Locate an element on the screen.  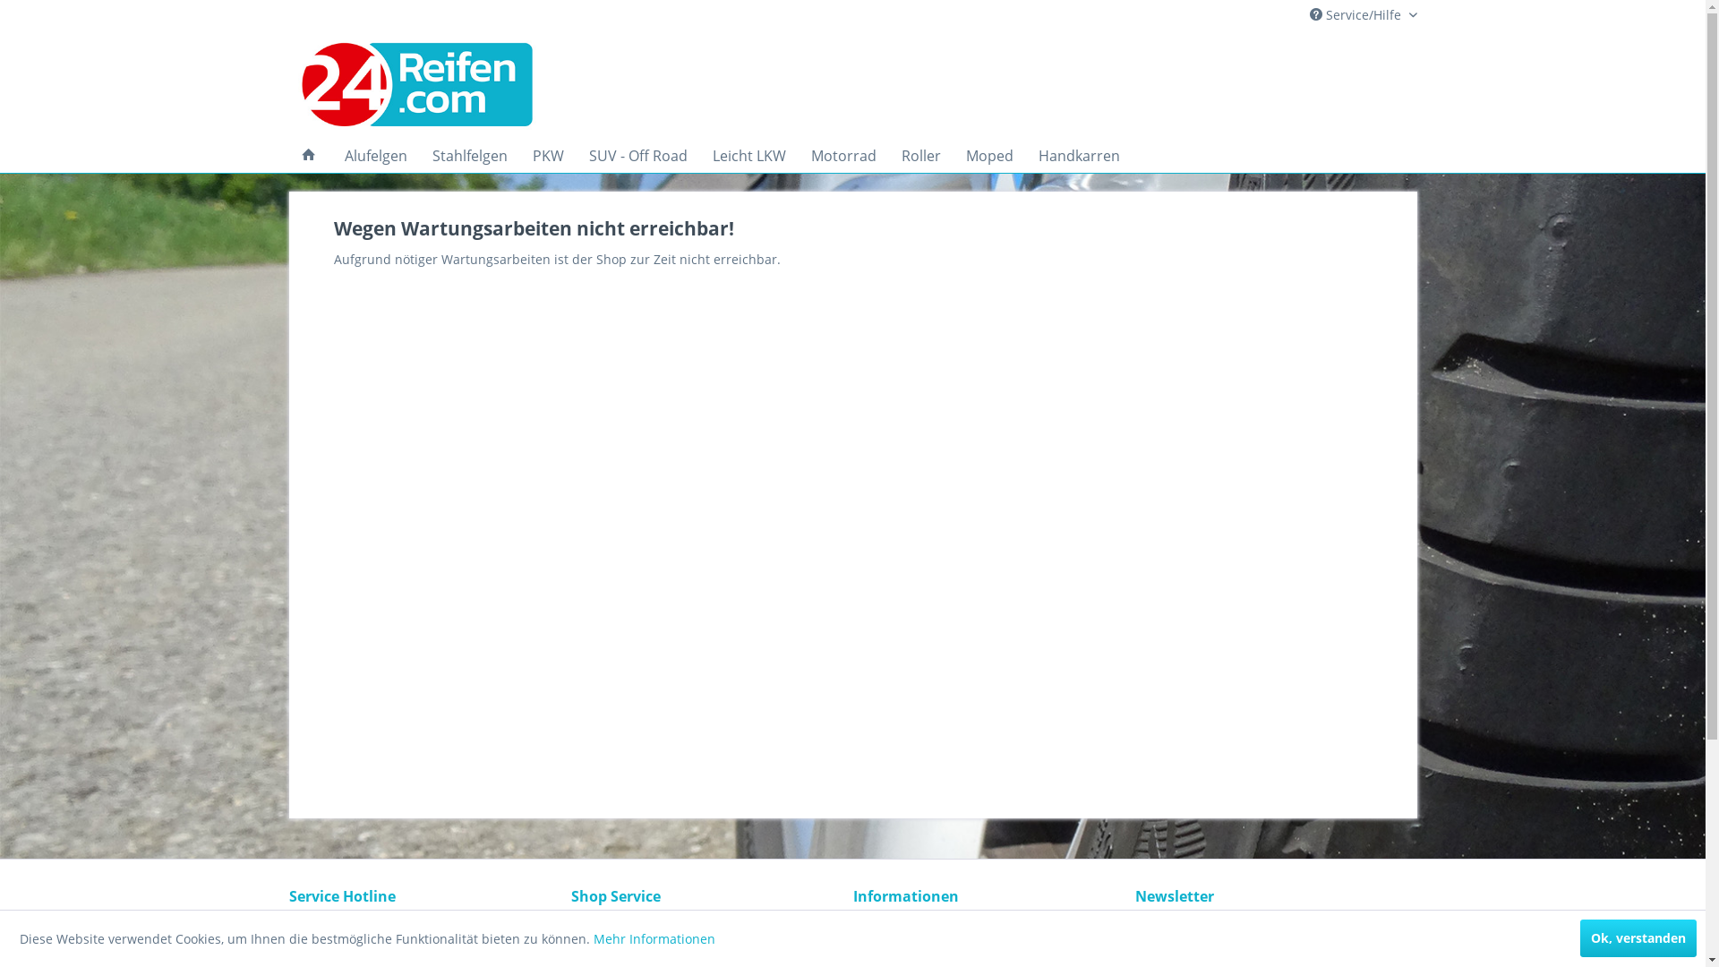
'Home' is located at coordinates (308, 154).